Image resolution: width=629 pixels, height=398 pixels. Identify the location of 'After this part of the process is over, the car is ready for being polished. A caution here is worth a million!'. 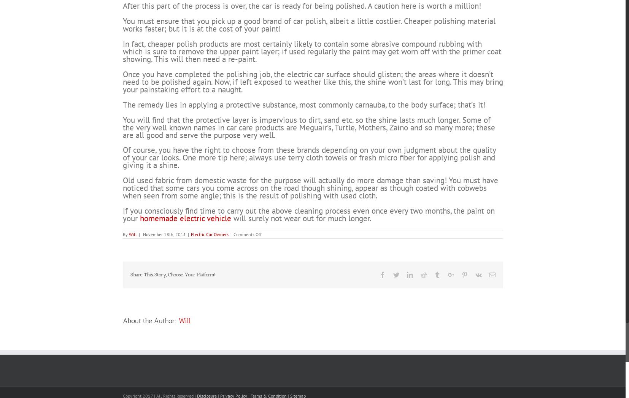
(301, 34).